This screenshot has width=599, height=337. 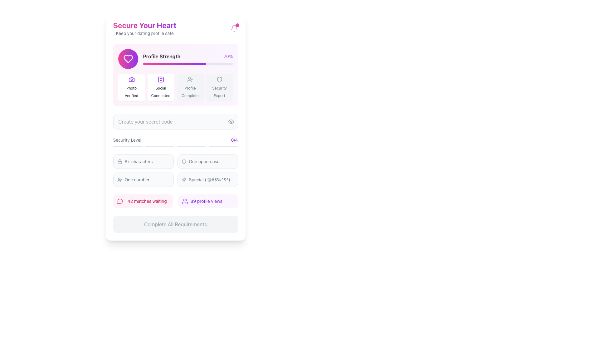 I want to click on the circular icon with a gradient color scheme transitioning from pink to purple, featuring a white heart symbol in the center, located at the top-left of the 'Profile Strength' section, so click(x=128, y=59).